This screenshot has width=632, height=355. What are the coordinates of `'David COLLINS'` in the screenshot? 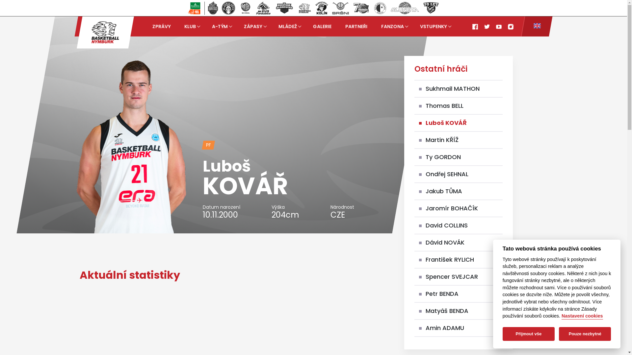 It's located at (447, 225).